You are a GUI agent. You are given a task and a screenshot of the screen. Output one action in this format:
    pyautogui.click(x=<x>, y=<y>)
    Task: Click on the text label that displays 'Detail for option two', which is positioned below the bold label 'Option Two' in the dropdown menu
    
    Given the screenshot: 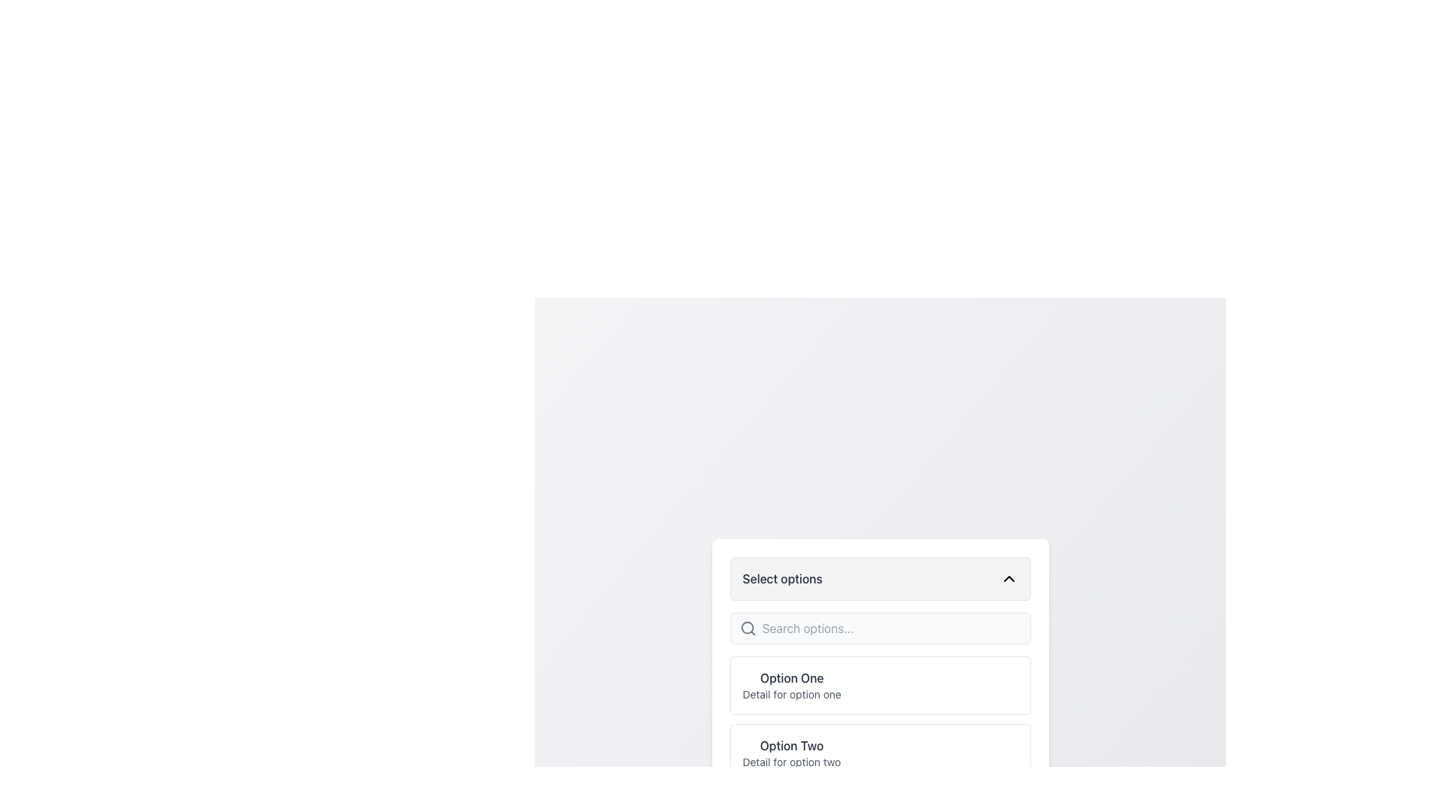 What is the action you would take?
    pyautogui.click(x=790, y=762)
    